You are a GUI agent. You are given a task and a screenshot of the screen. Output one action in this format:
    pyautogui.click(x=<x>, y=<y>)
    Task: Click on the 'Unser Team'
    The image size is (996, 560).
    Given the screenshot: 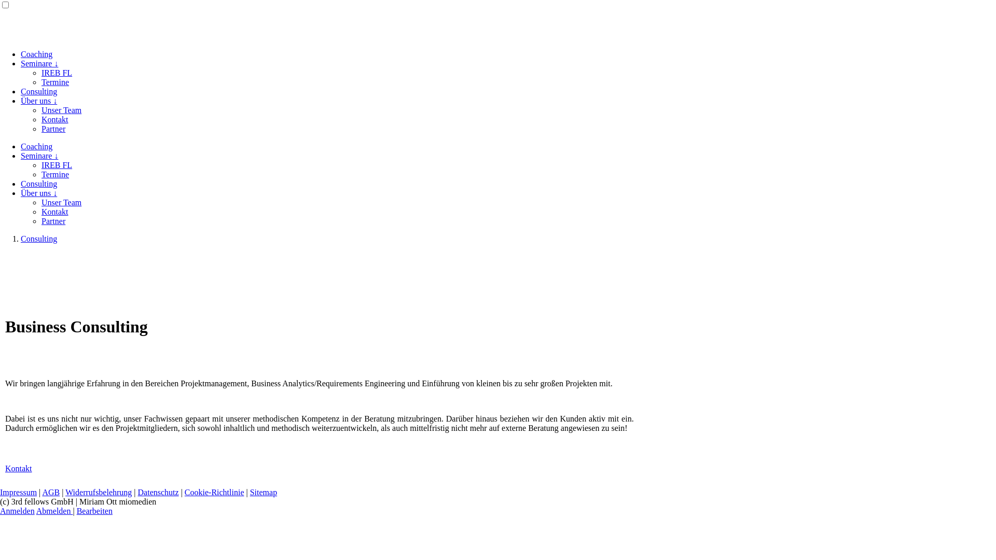 What is the action you would take?
    pyautogui.click(x=41, y=110)
    